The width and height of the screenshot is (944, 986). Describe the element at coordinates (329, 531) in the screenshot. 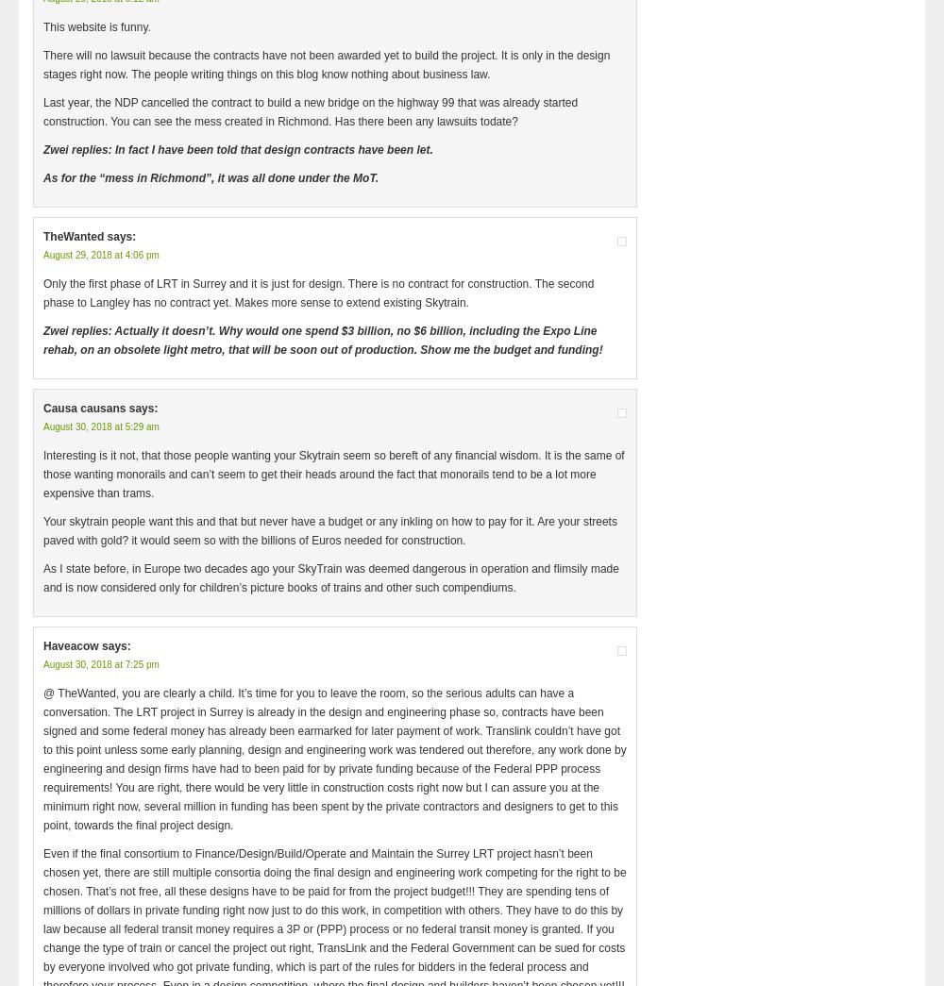

I see `'Your skytrain people want this and that but never have a budget or any inkling on how to pay for it. Are your streets paved with gold? it would seem so with the billions of Euros needed  for construction.'` at that location.